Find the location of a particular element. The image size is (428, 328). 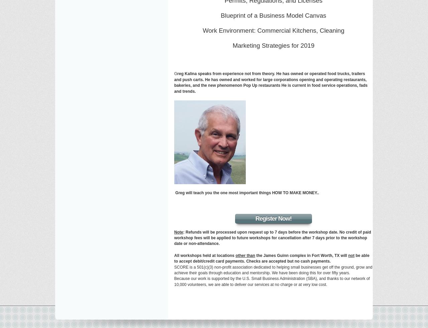

'All workshops held at locations' is located at coordinates (204, 255).